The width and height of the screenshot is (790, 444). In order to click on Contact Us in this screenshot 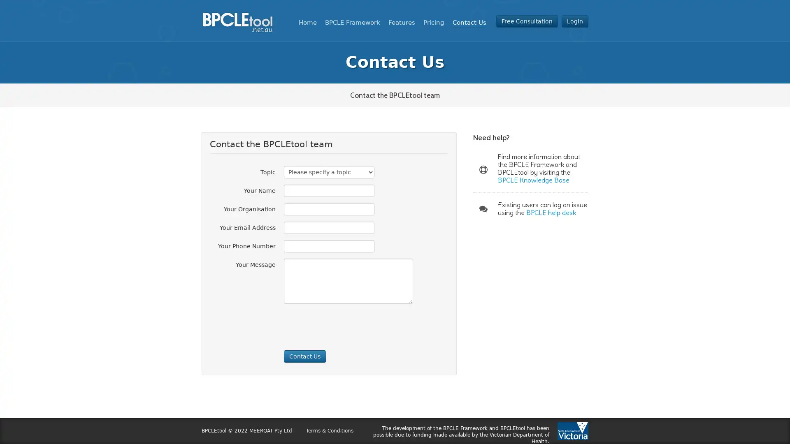, I will do `click(304, 356)`.